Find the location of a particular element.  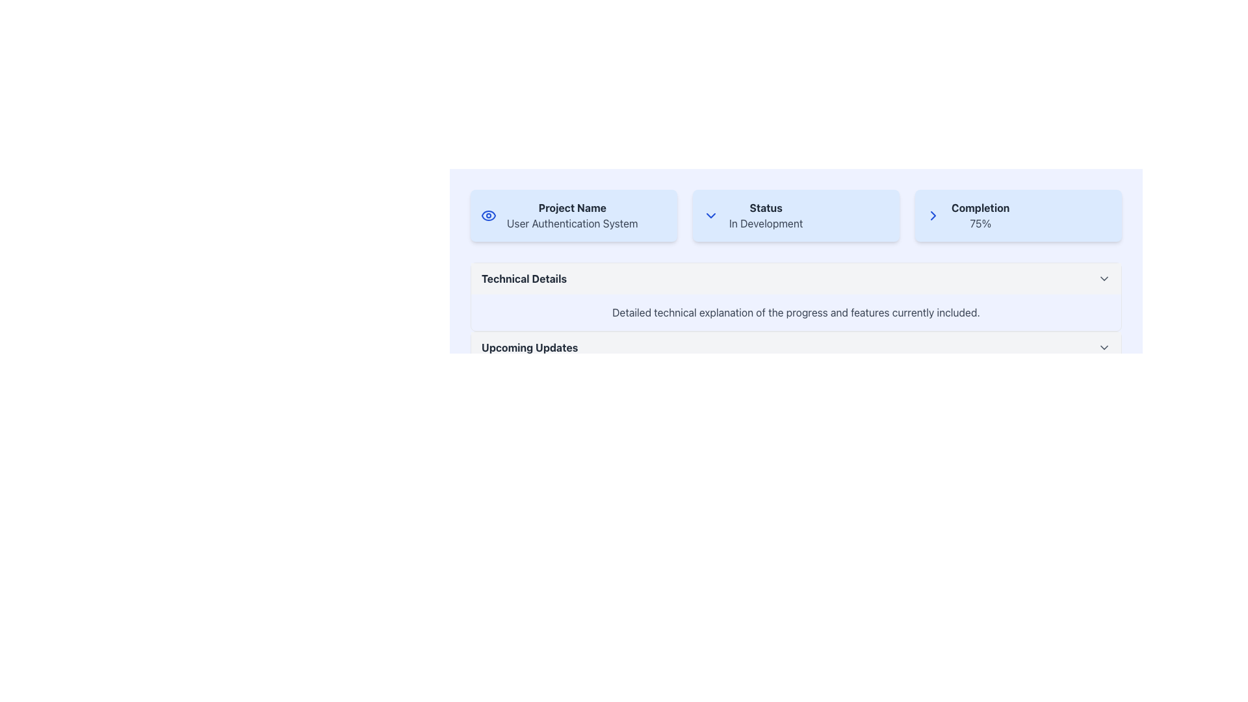

the text label that serves as a title or label for the current section, providing informative context for its associated content is located at coordinates (530, 347).